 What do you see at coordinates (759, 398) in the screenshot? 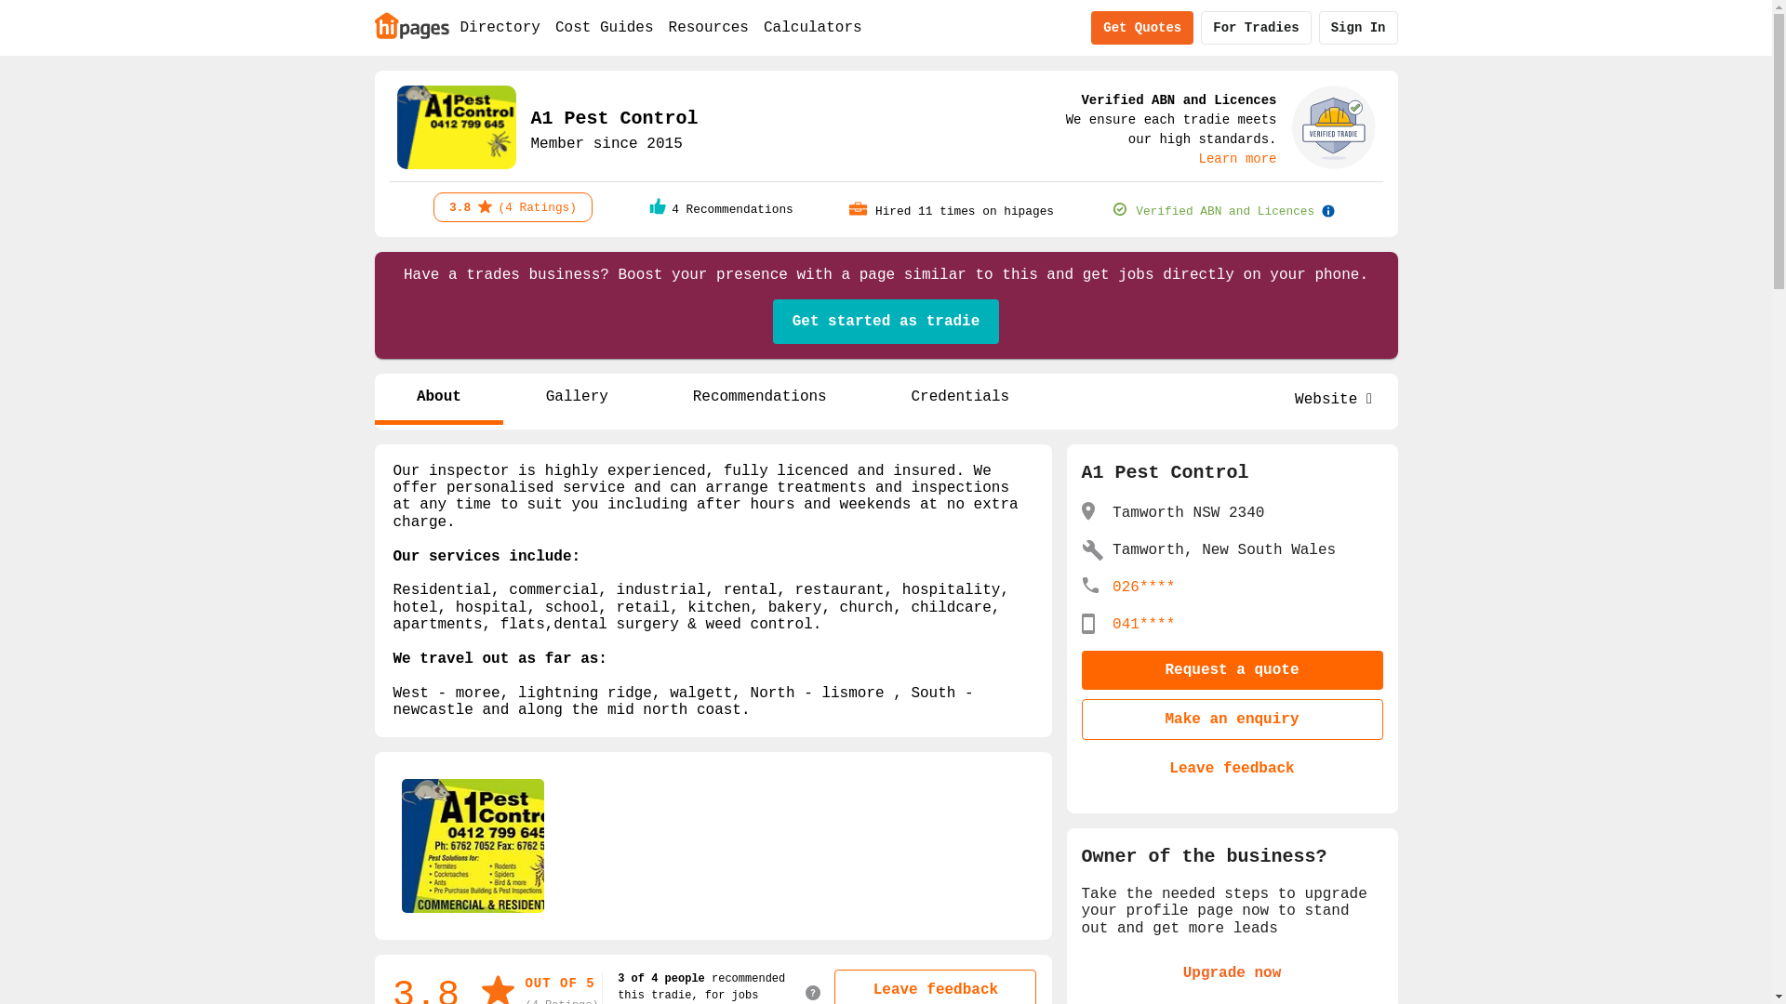
I see `'Recommendations'` at bounding box center [759, 398].